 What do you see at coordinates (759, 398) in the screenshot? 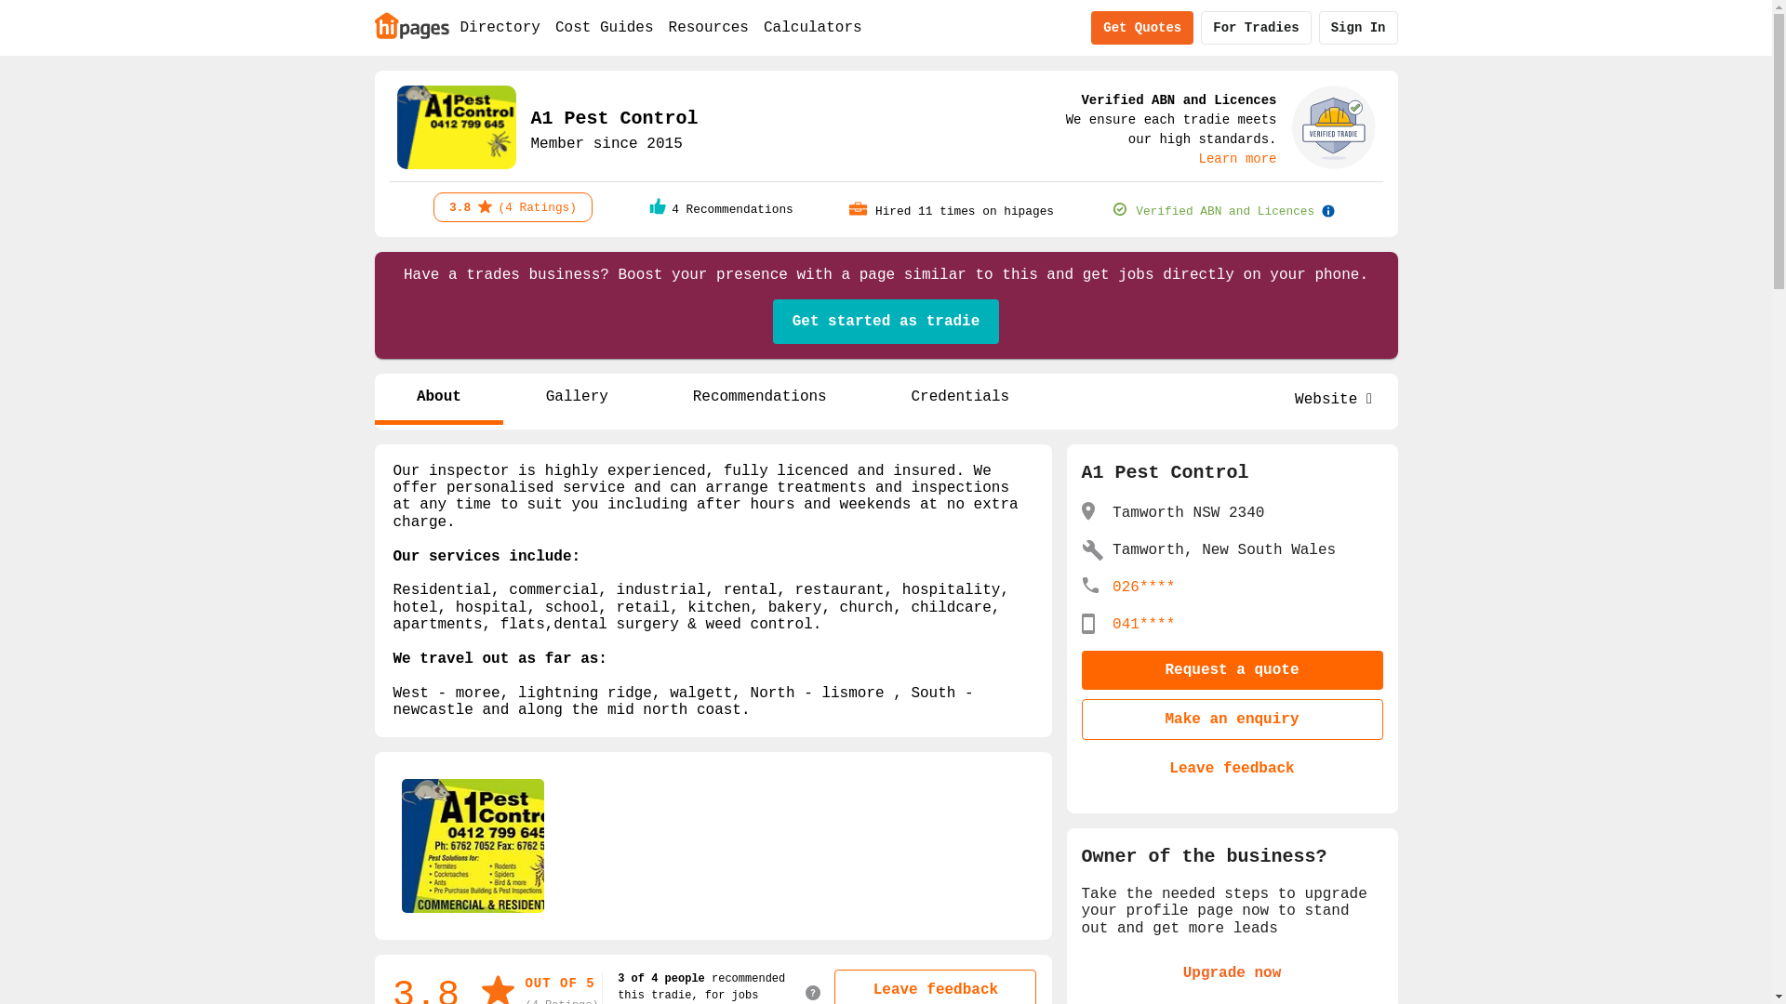
I see `'Recommendations'` at bounding box center [759, 398].